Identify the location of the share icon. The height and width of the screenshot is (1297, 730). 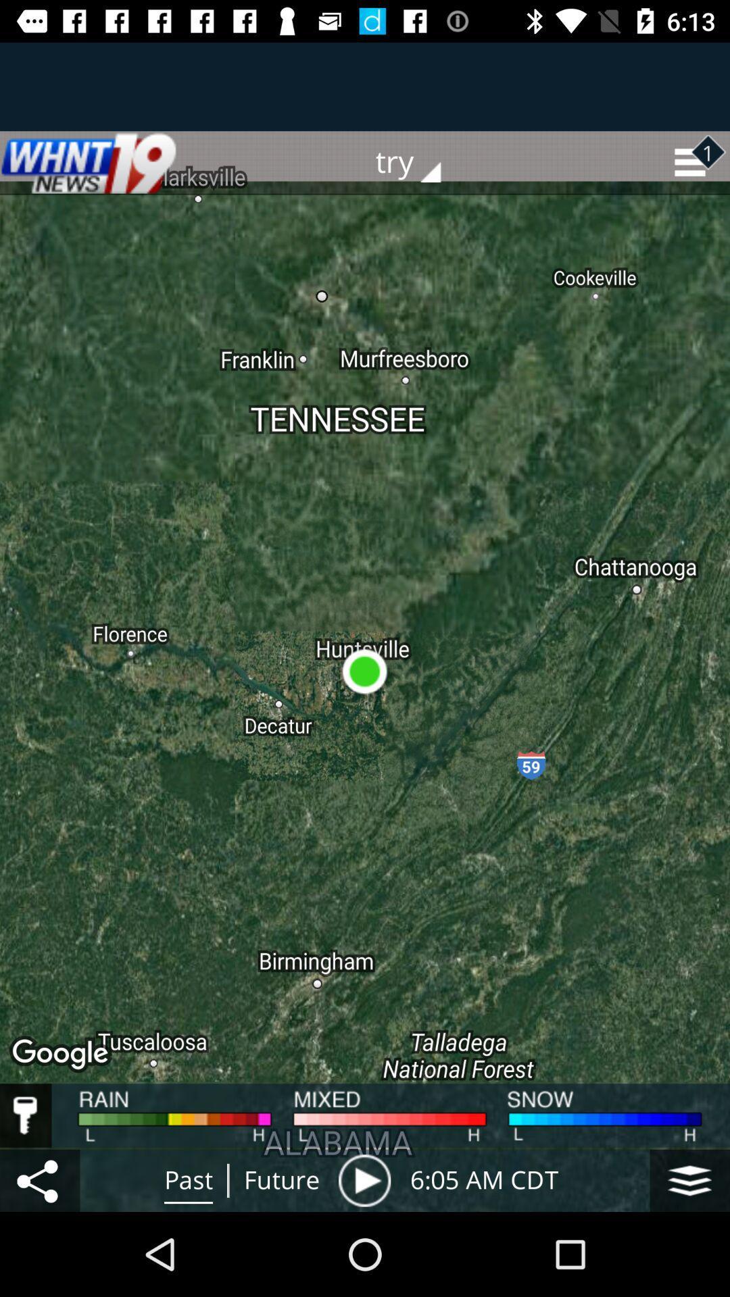
(39, 1179).